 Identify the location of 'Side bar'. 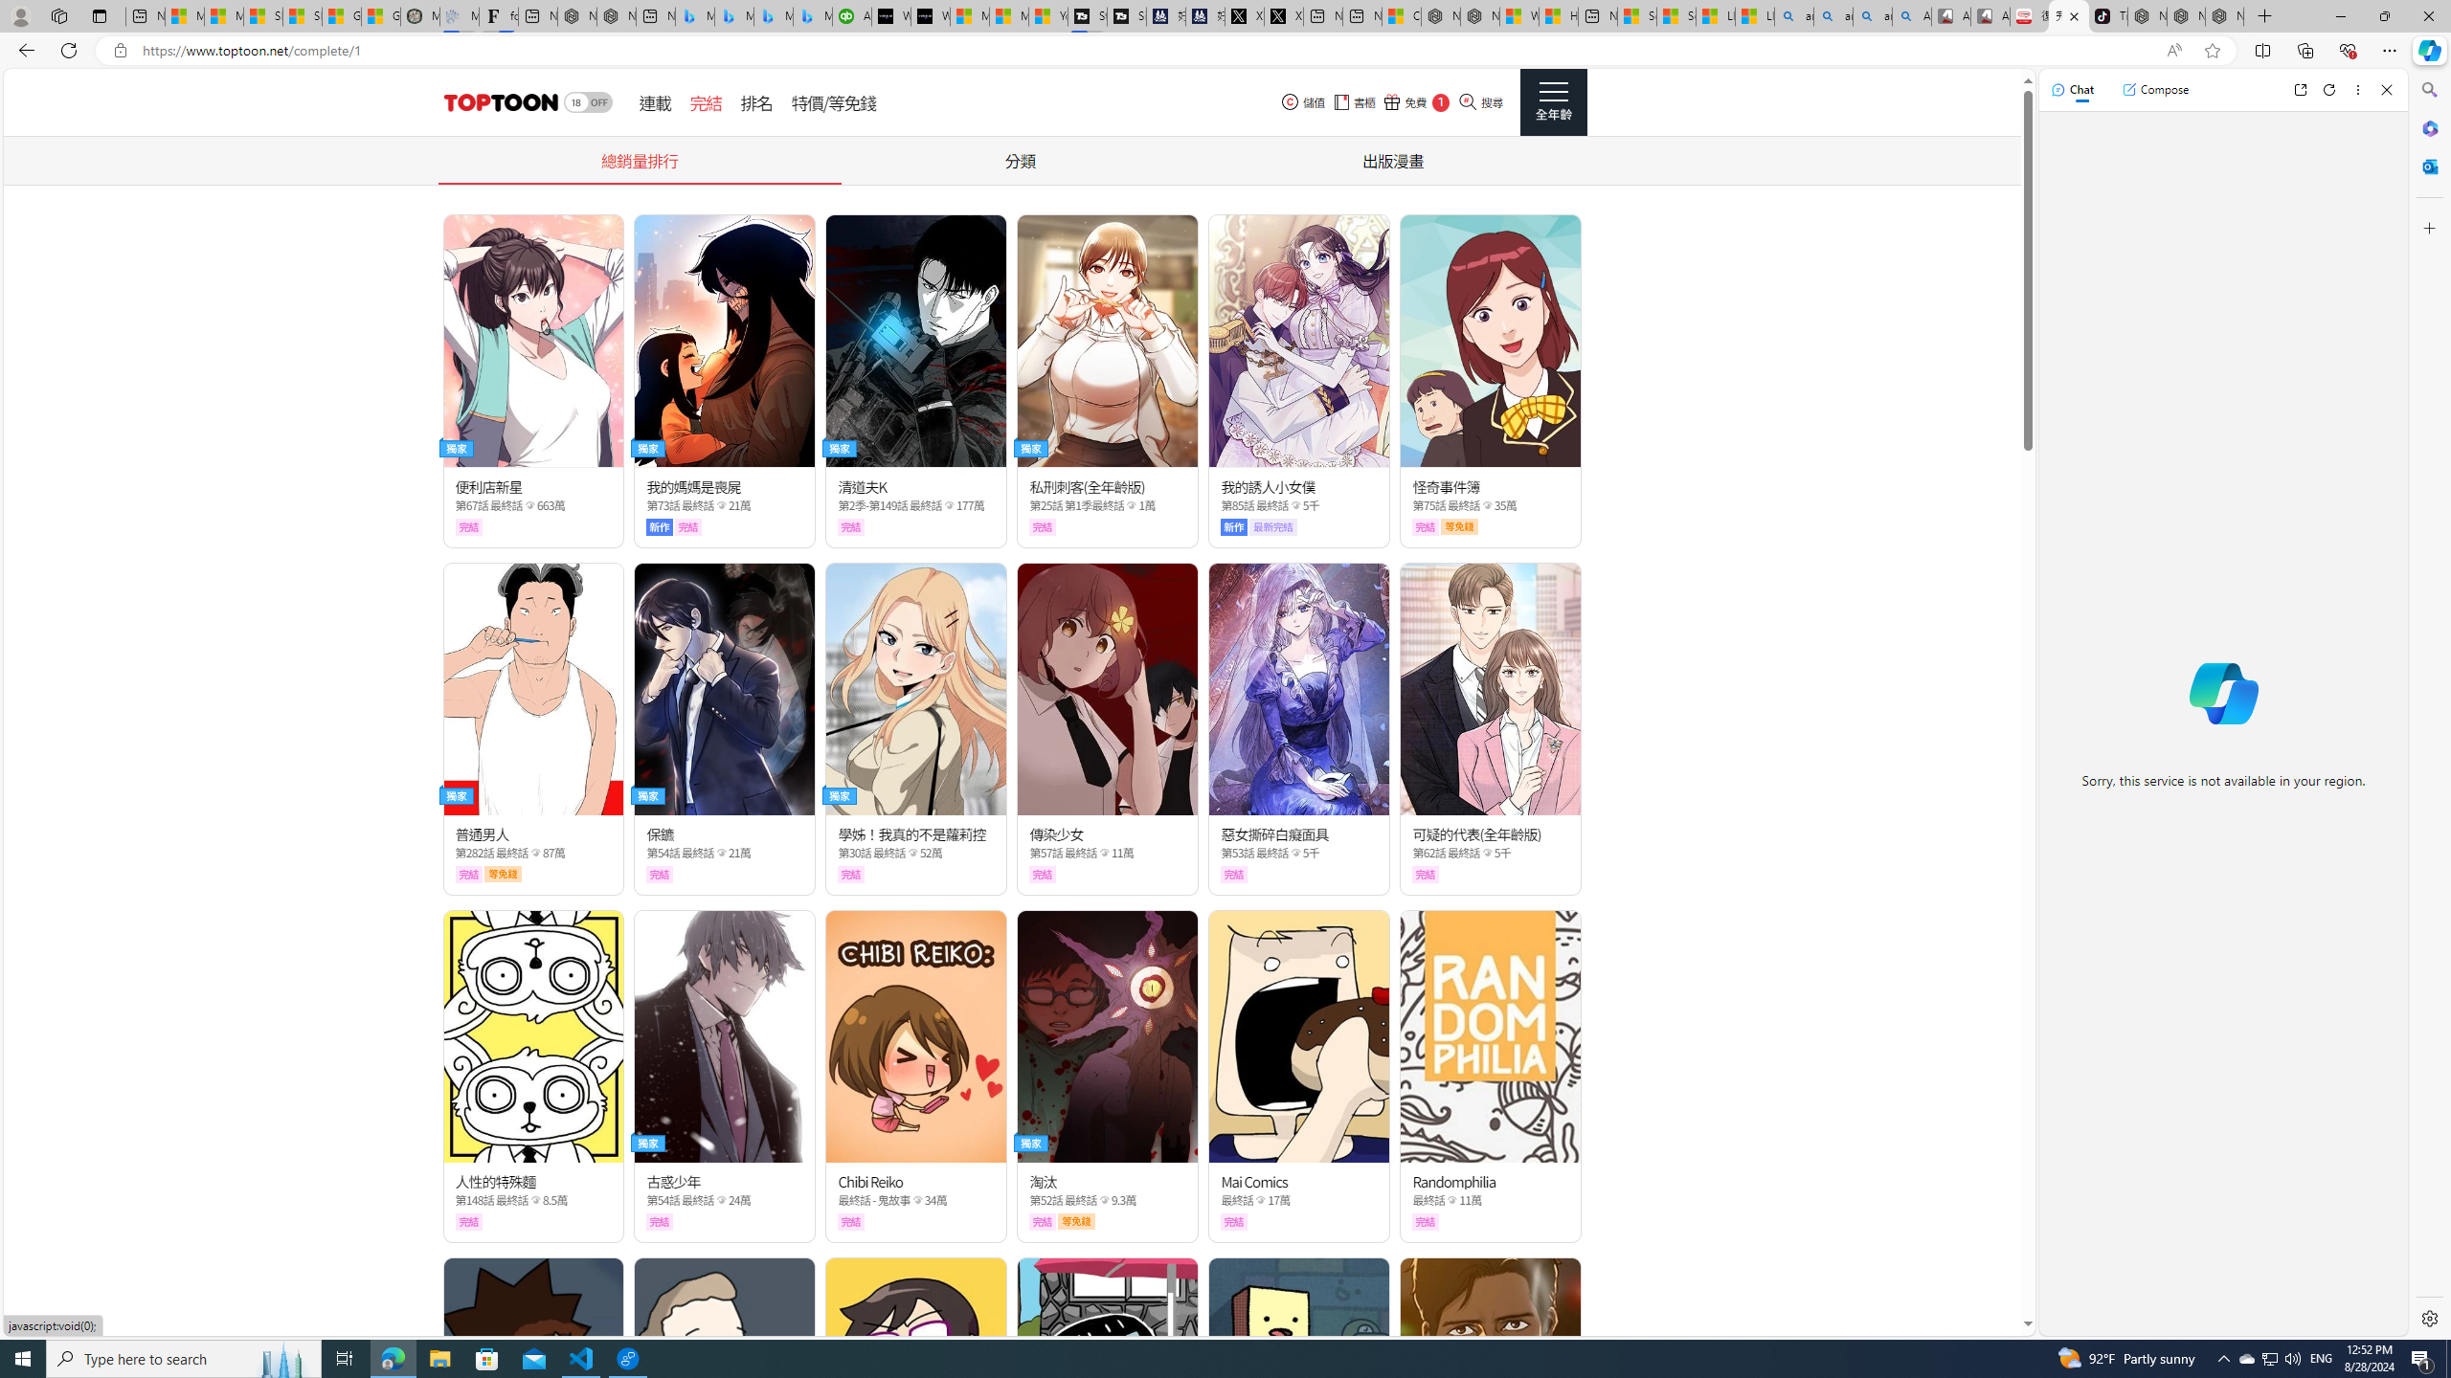
(2429, 703).